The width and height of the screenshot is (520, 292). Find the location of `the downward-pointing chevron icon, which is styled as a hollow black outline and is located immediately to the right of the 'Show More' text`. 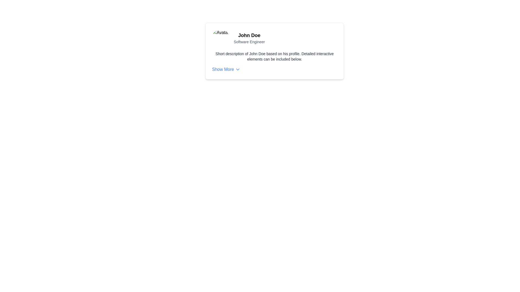

the downward-pointing chevron icon, which is styled as a hollow black outline and is located immediately to the right of the 'Show More' text is located at coordinates (238, 69).